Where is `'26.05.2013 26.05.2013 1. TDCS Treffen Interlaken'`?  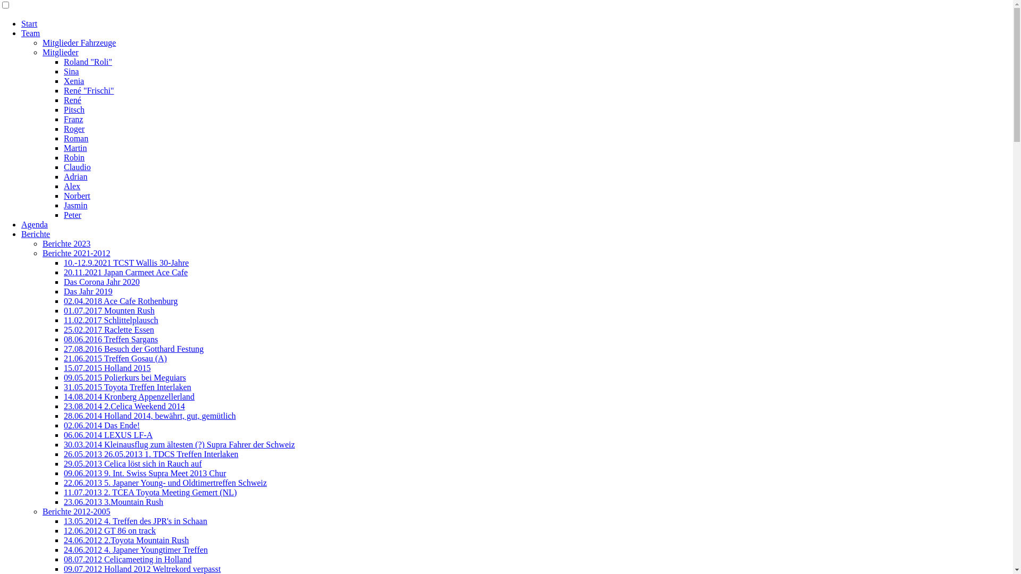
'26.05.2013 26.05.2013 1. TDCS Treffen Interlaken' is located at coordinates (150, 454).